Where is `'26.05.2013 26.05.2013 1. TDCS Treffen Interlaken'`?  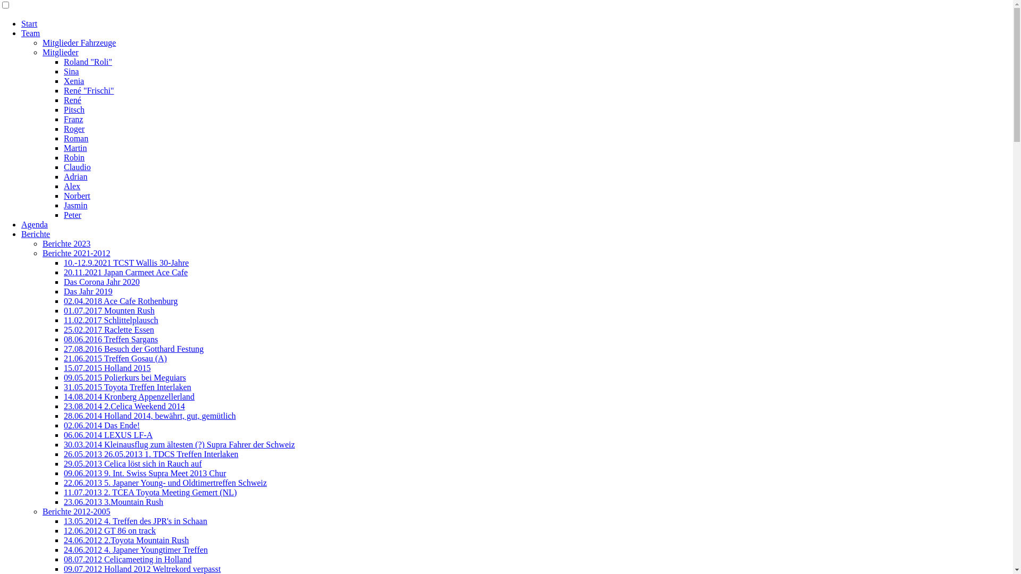
'26.05.2013 26.05.2013 1. TDCS Treffen Interlaken' is located at coordinates (150, 454).